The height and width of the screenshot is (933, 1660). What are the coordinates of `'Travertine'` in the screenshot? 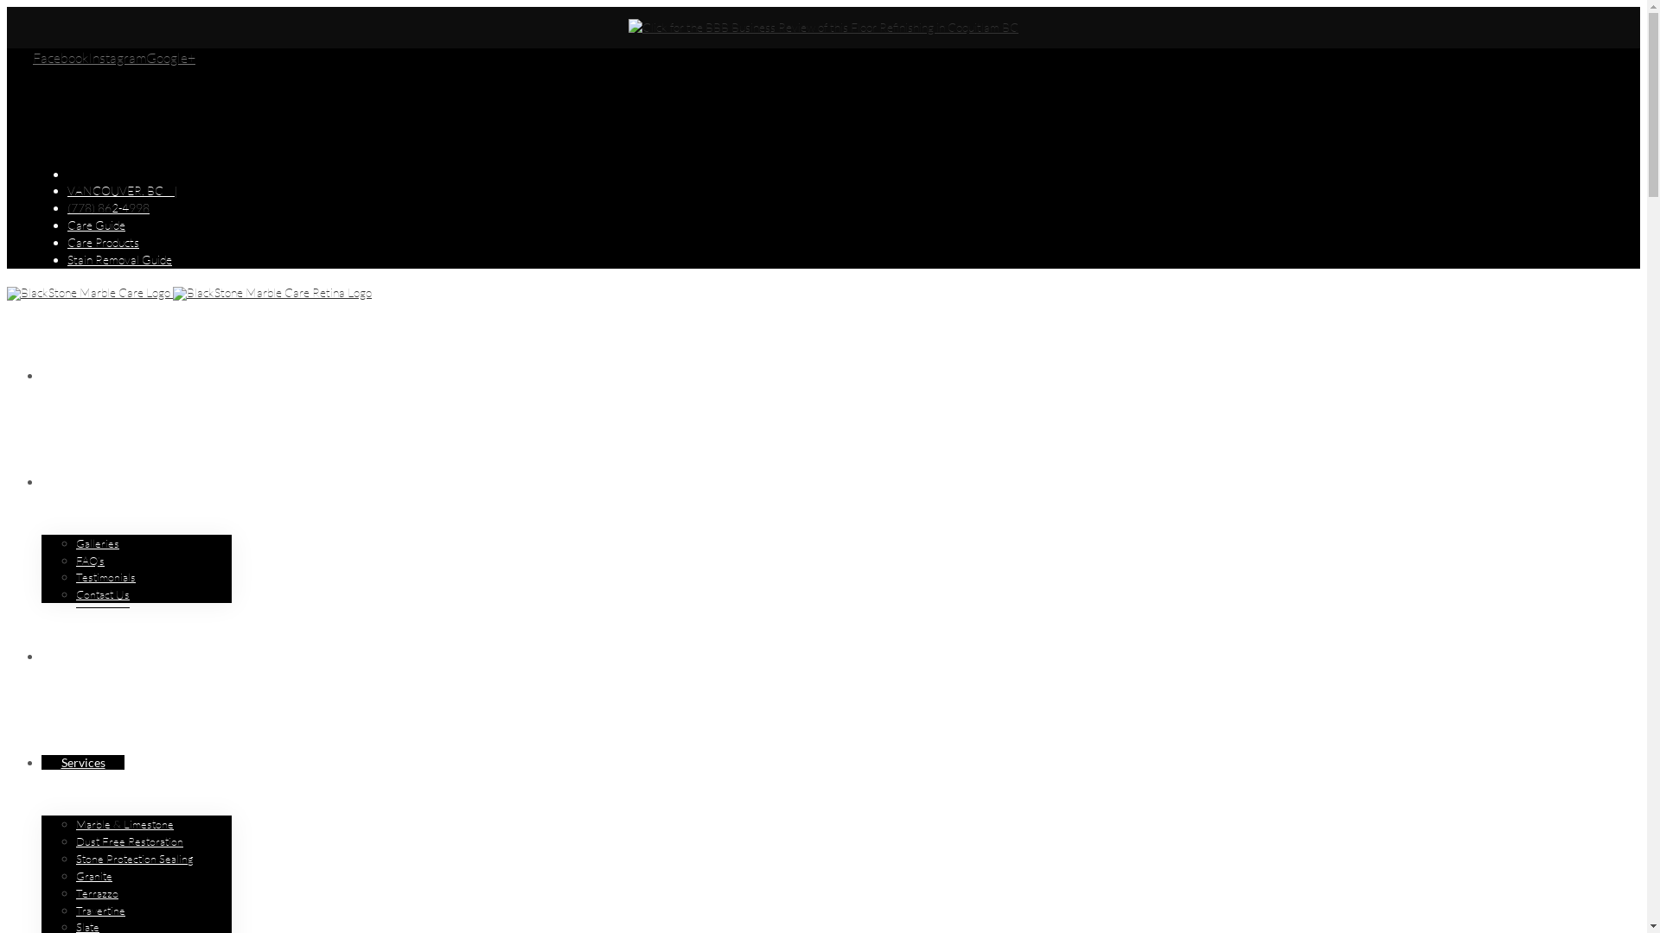 It's located at (99, 910).